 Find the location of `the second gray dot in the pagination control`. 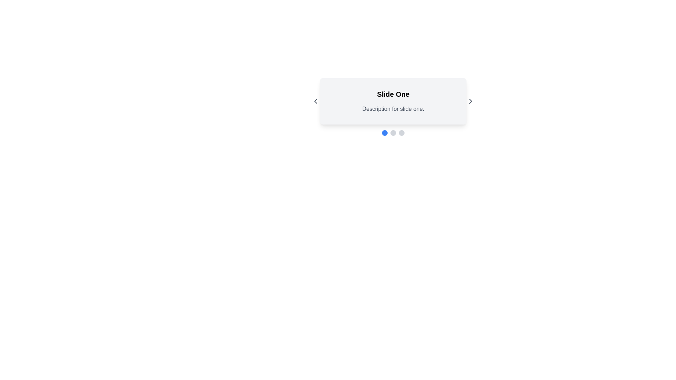

the second gray dot in the pagination control is located at coordinates (393, 133).